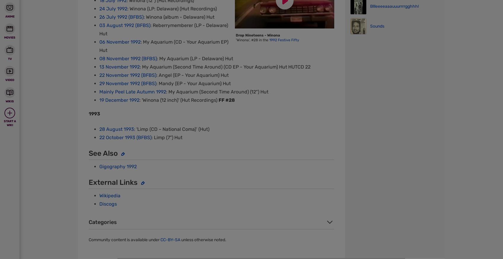 Image resolution: width=503 pixels, height=259 pixels. I want to click on 'View Mobile Site', so click(244, 82).